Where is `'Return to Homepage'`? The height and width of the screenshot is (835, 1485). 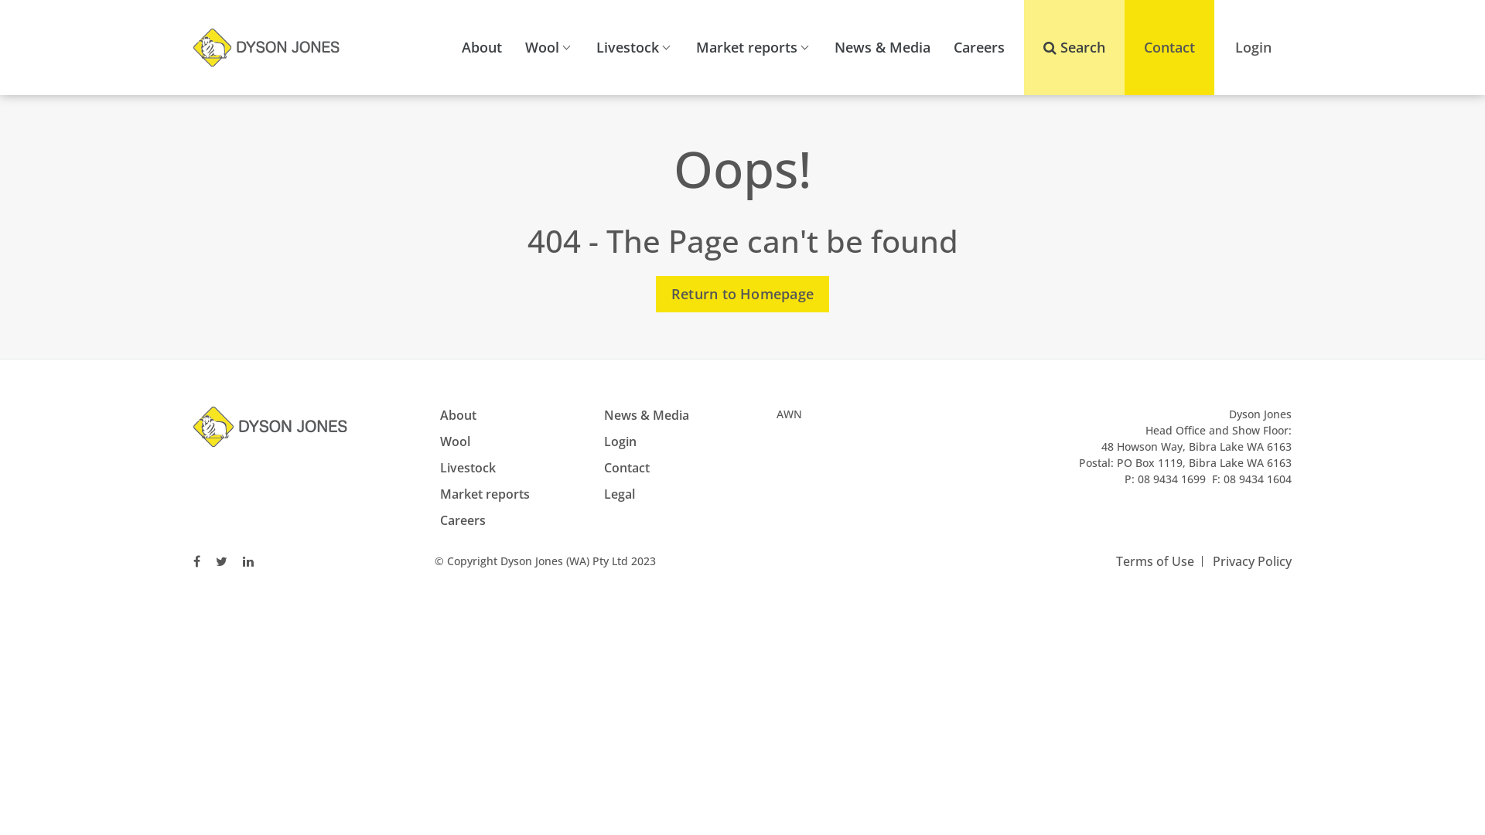
'Return to Homepage' is located at coordinates (742, 294).